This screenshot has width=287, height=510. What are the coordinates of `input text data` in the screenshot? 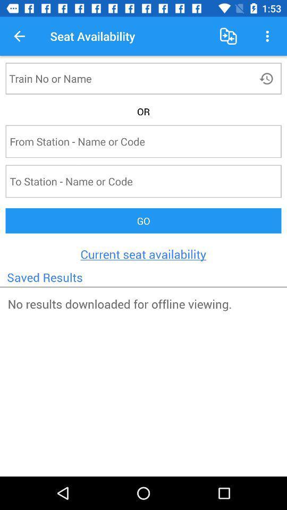 It's located at (123, 78).